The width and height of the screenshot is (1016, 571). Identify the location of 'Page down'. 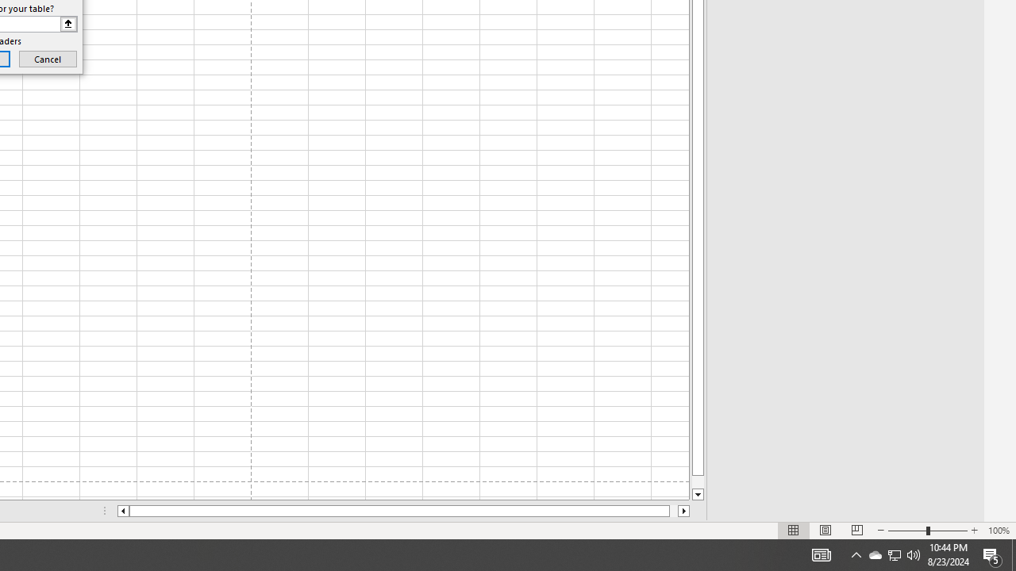
(698, 481).